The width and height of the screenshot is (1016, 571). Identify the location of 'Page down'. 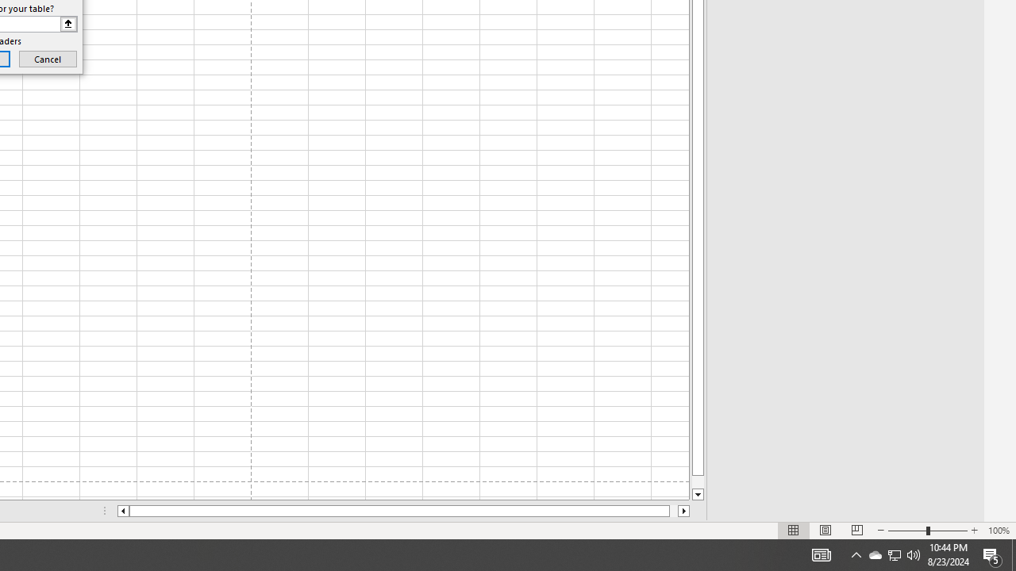
(698, 481).